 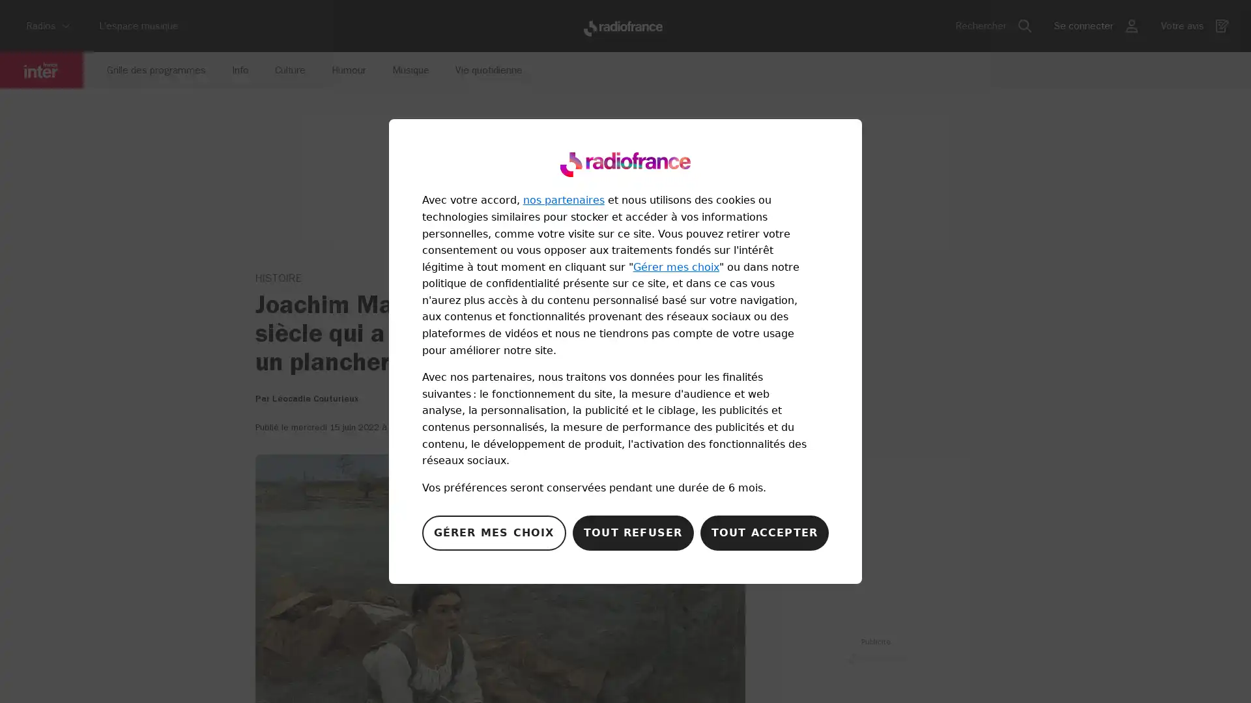 What do you see at coordinates (502, 426) in the screenshot?
I see `Partager` at bounding box center [502, 426].